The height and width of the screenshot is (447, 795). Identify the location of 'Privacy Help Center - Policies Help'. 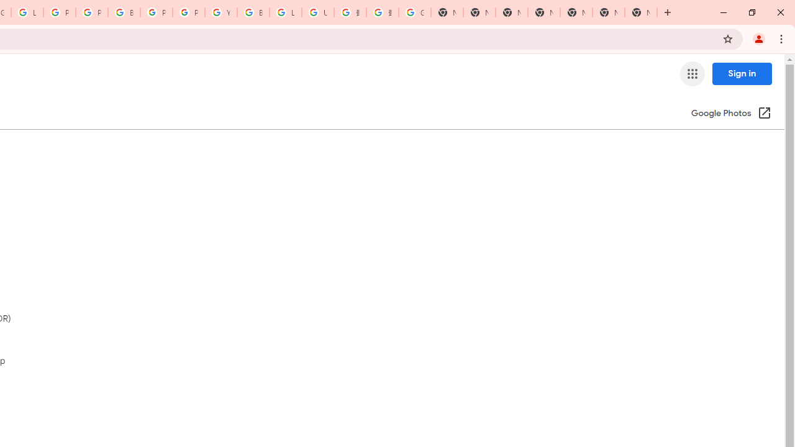
(59, 12).